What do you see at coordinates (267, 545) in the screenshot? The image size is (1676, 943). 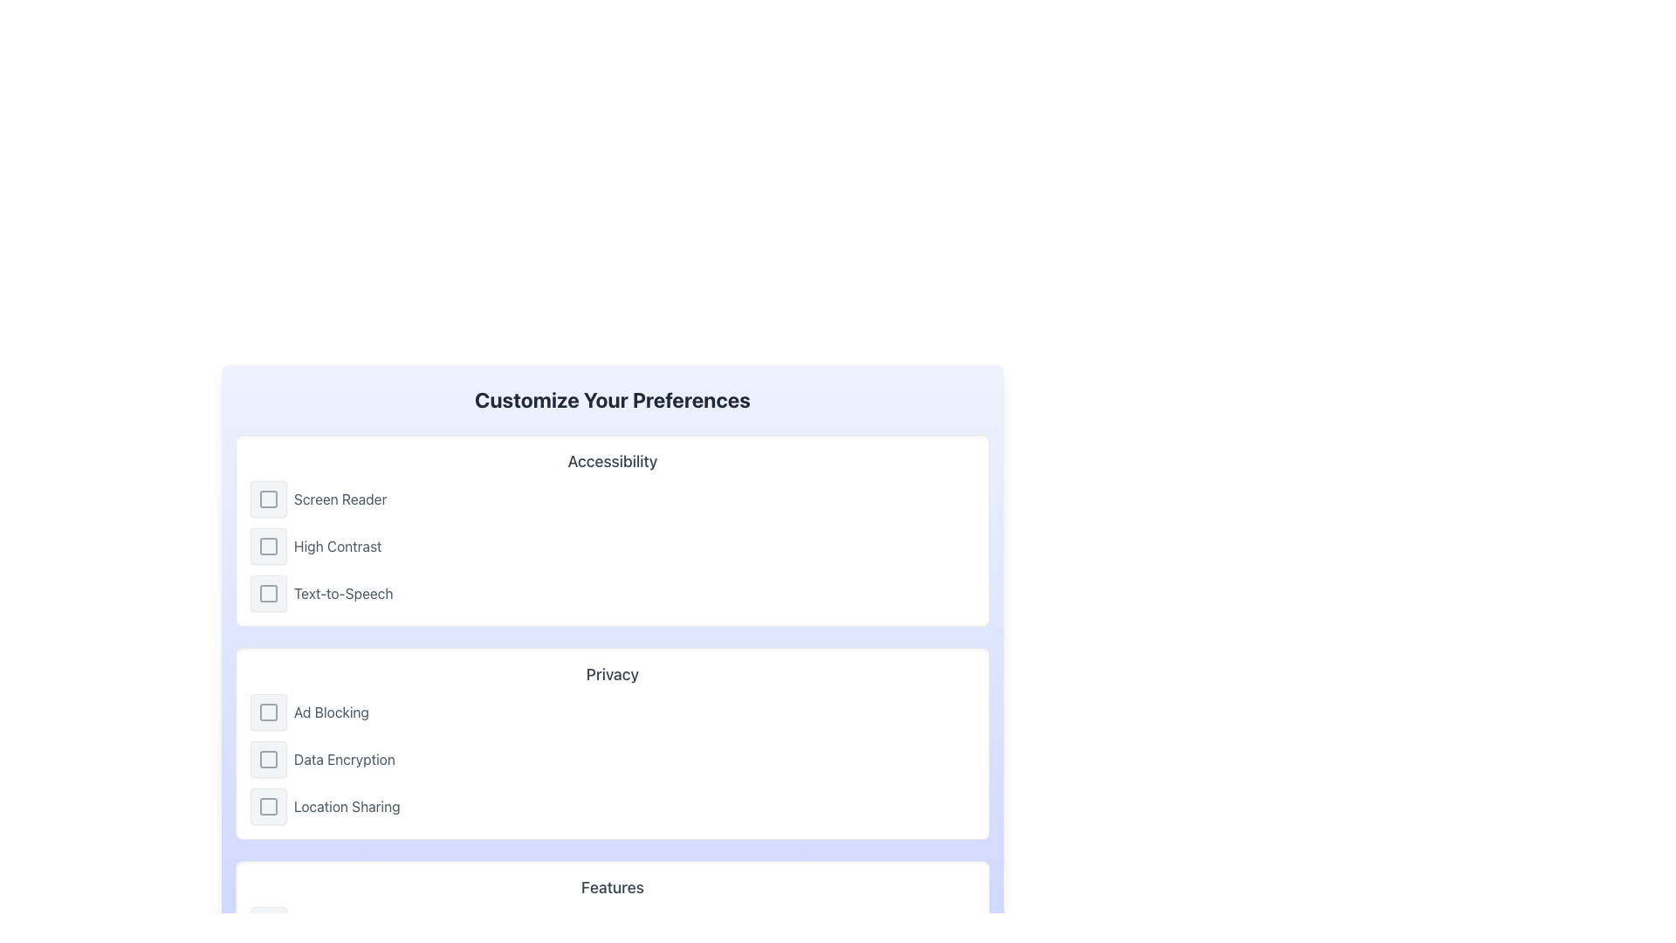 I see `the checkbox with a rounded border styled in gray, located next to the 'High Contrast' text in the 'Accessibility' section` at bounding box center [267, 545].